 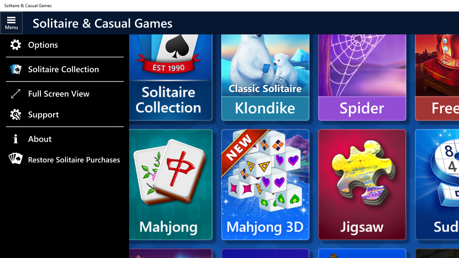 What do you see at coordinates (265, 184) in the screenshot?
I see `'Mahjong 3D'` at bounding box center [265, 184].